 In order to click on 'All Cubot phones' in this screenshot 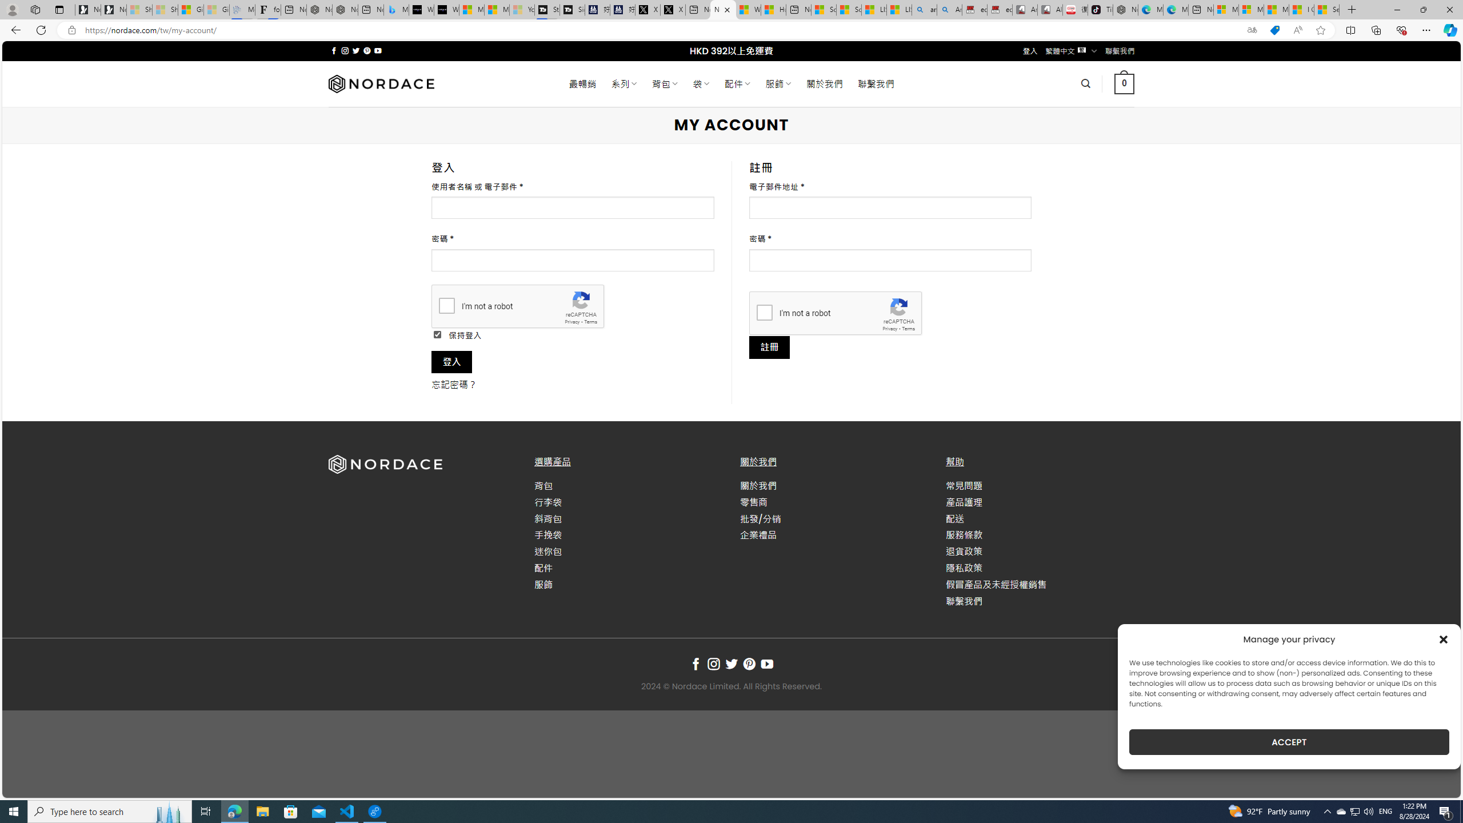, I will do `click(1050, 9)`.